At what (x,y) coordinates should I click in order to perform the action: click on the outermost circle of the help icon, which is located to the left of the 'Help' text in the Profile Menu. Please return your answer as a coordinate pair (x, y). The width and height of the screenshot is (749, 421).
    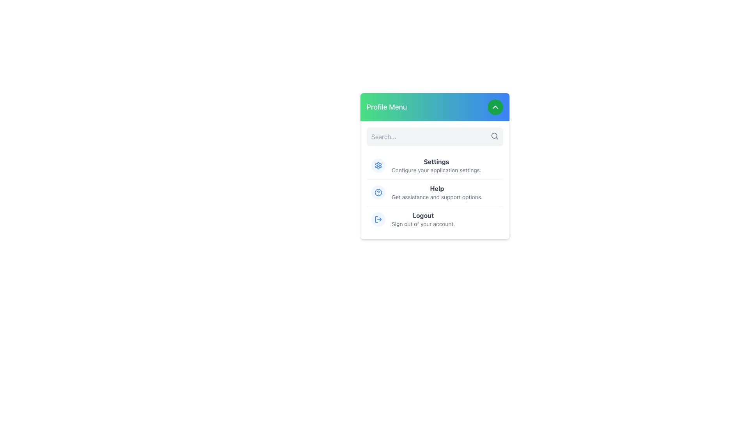
    Looking at the image, I should click on (378, 192).